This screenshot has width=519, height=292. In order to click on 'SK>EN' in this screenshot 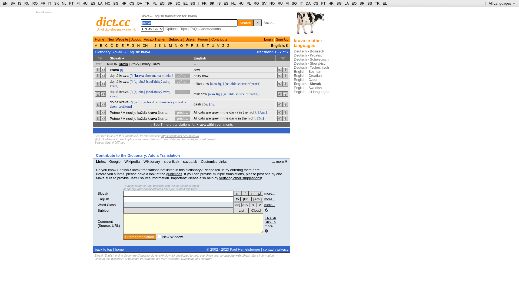, I will do `click(265, 222)`.